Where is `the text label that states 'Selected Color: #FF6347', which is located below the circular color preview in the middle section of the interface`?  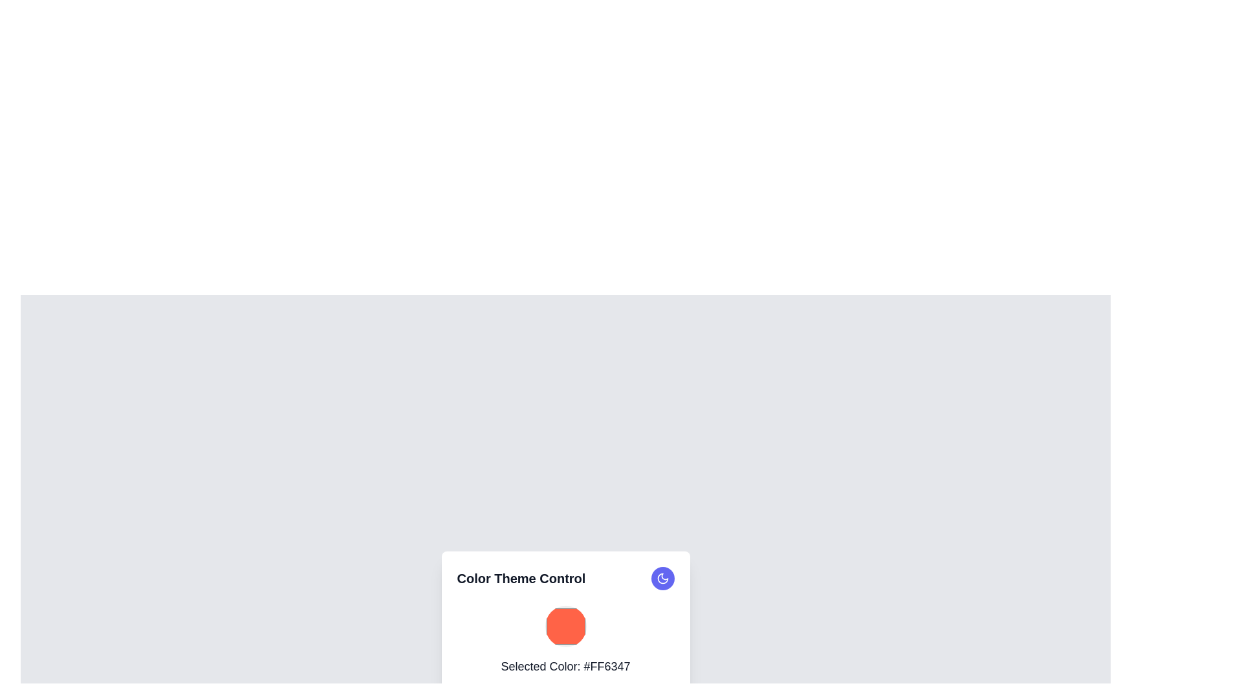 the text label that states 'Selected Color: #FF6347', which is located below the circular color preview in the middle section of the interface is located at coordinates (565, 666).